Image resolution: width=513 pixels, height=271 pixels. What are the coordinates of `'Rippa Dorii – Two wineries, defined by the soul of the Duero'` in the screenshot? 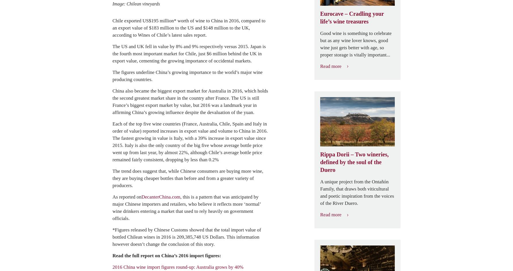 It's located at (354, 162).